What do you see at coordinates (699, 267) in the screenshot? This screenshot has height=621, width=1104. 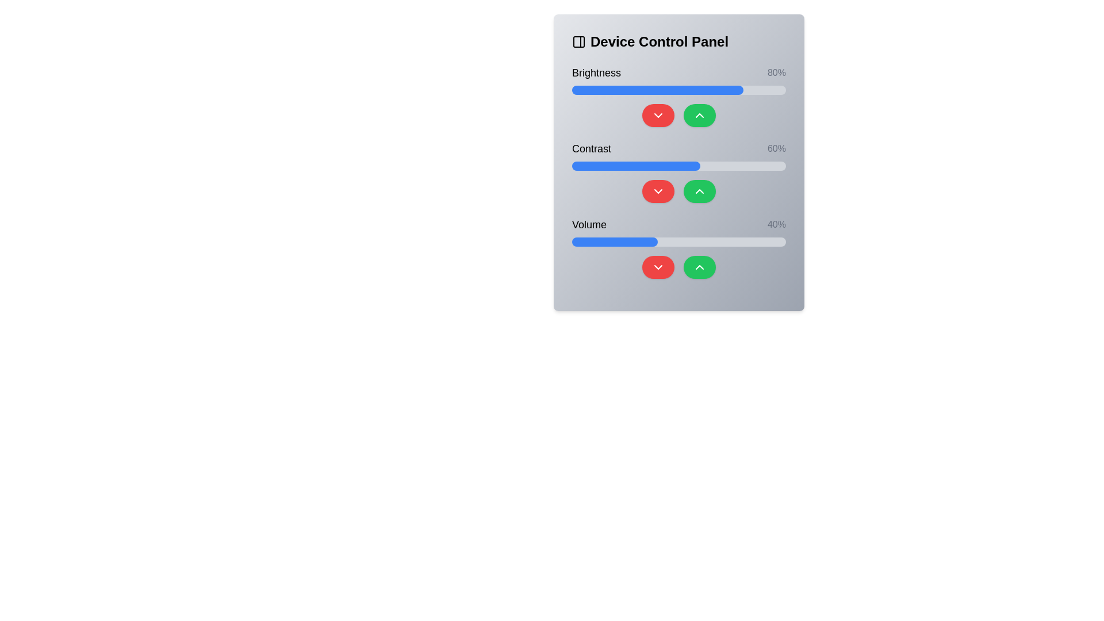 I see `the fourth button in the control panel UI used for increasing the 'Volume' parameter via keyboard navigation` at bounding box center [699, 267].